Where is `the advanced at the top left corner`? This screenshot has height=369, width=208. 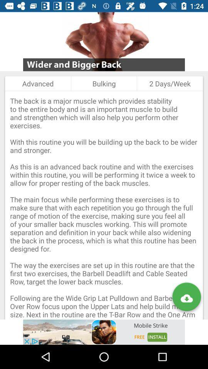
the advanced at the top left corner is located at coordinates (37, 83).